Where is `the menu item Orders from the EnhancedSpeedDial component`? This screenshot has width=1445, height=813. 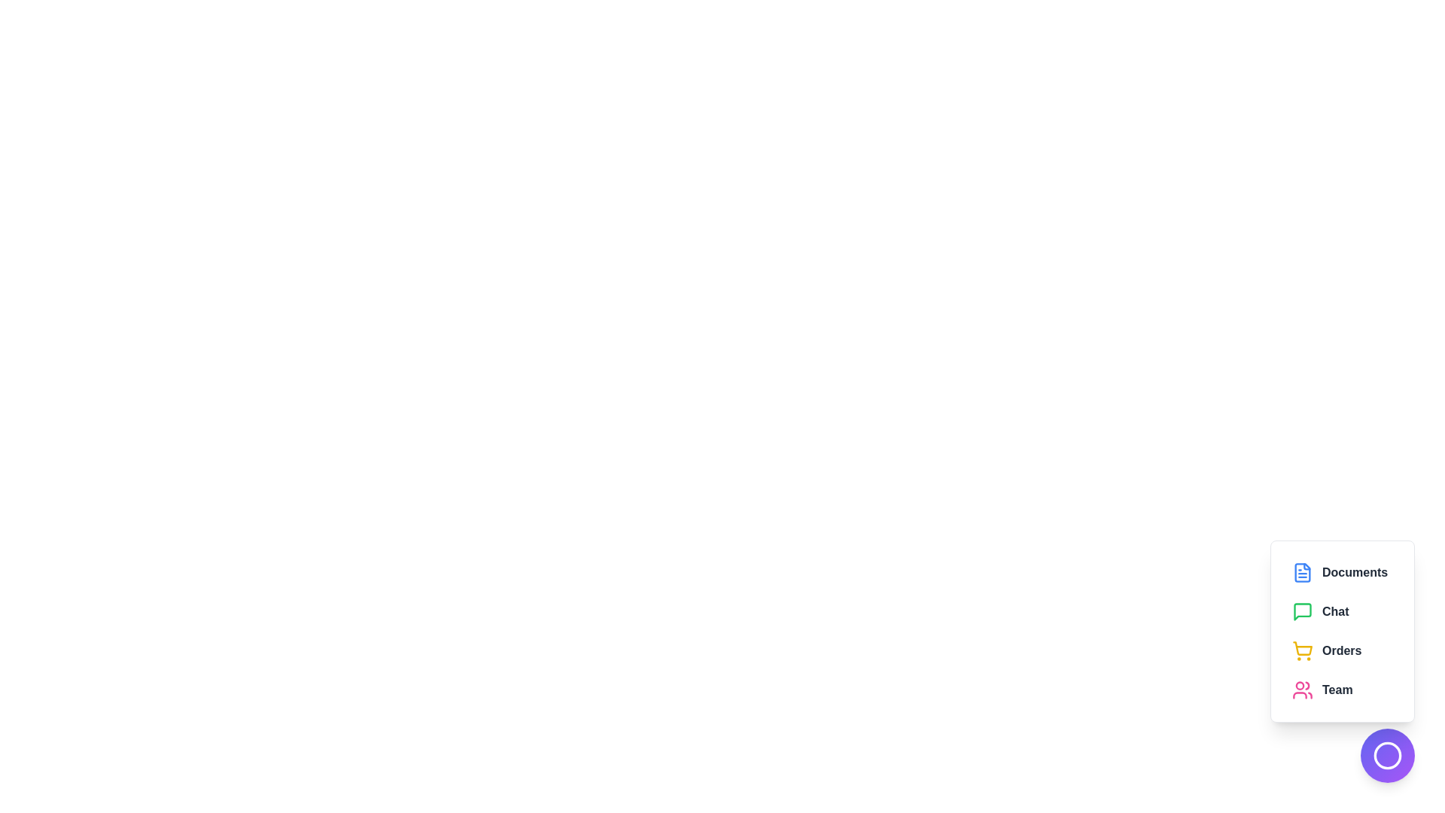
the menu item Orders from the EnhancedSpeedDial component is located at coordinates (1343, 650).